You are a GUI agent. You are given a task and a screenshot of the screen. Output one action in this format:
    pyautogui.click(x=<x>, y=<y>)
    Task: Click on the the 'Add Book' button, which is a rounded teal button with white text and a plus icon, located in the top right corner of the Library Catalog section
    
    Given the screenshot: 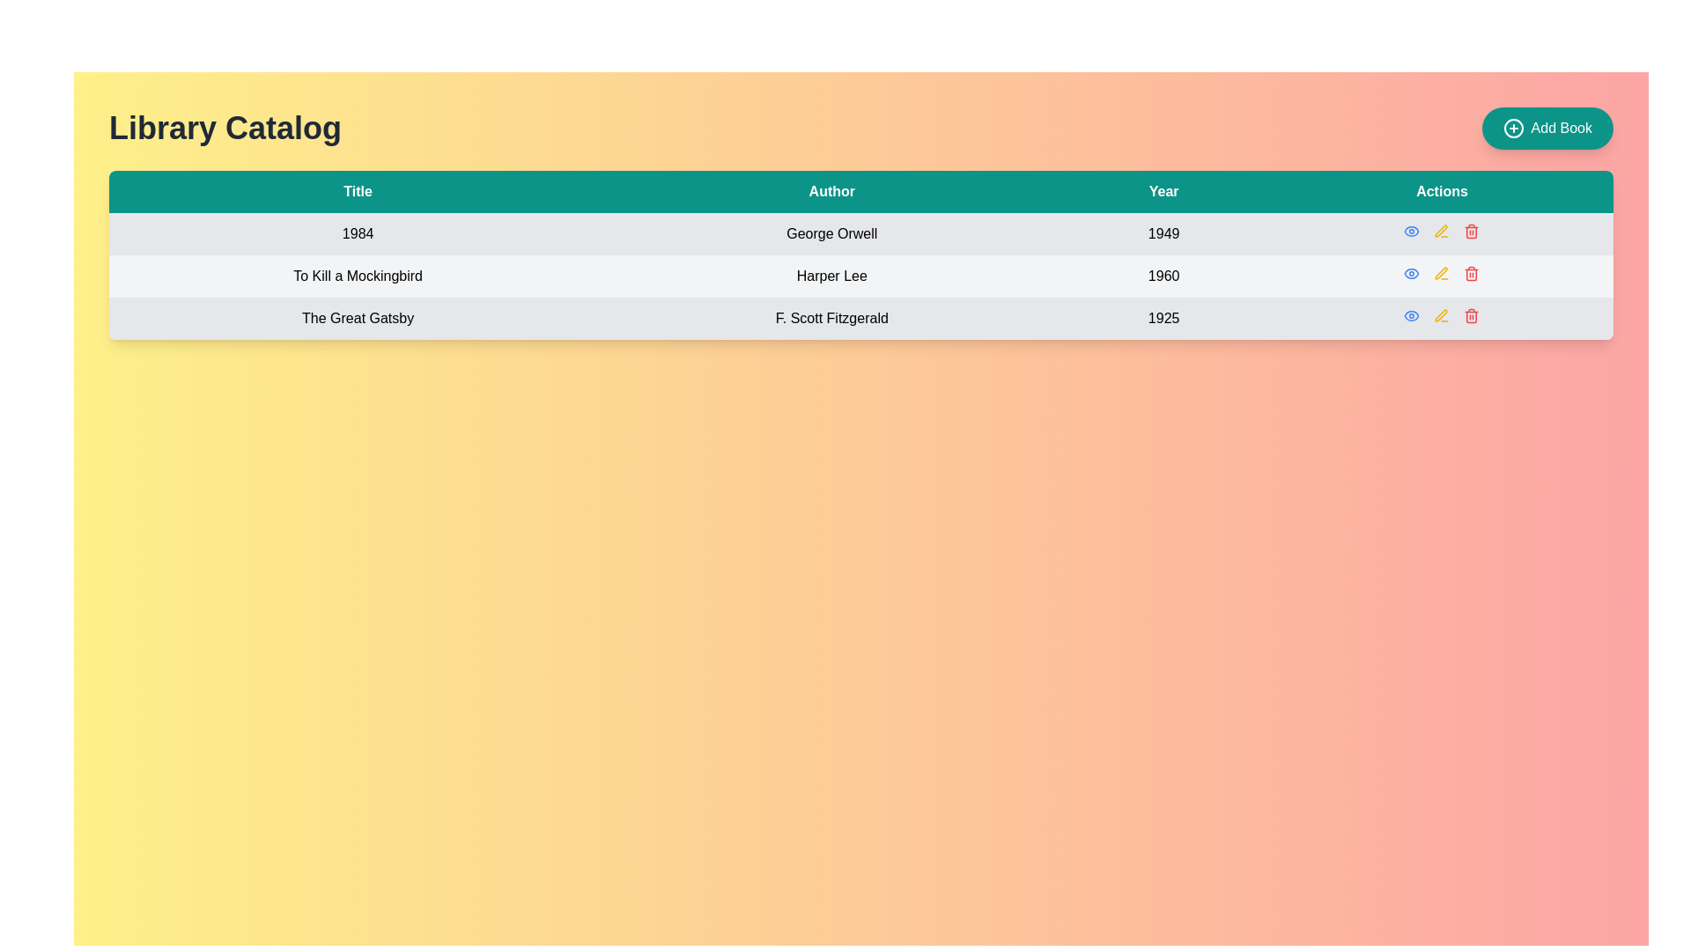 What is the action you would take?
    pyautogui.click(x=1547, y=128)
    